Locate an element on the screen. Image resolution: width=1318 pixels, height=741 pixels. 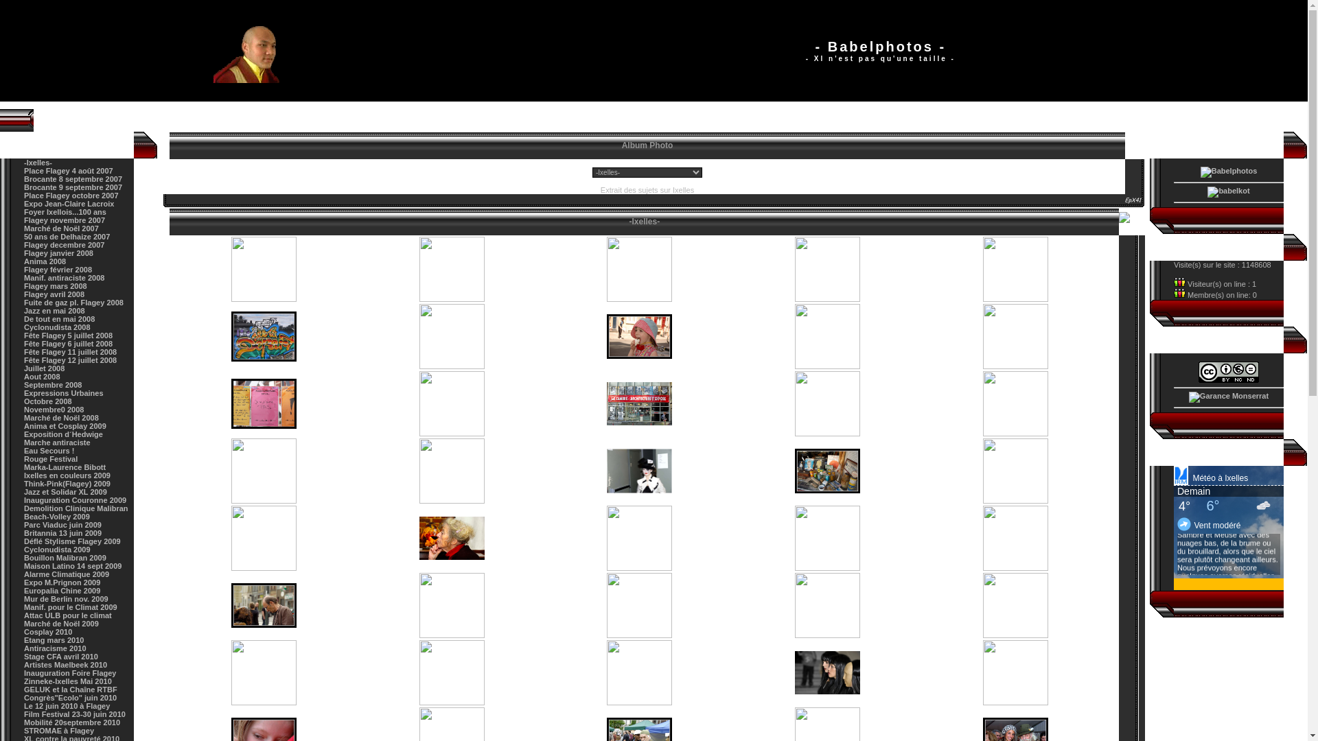
'Artistes Maelbeek 2010' is located at coordinates (65, 663).